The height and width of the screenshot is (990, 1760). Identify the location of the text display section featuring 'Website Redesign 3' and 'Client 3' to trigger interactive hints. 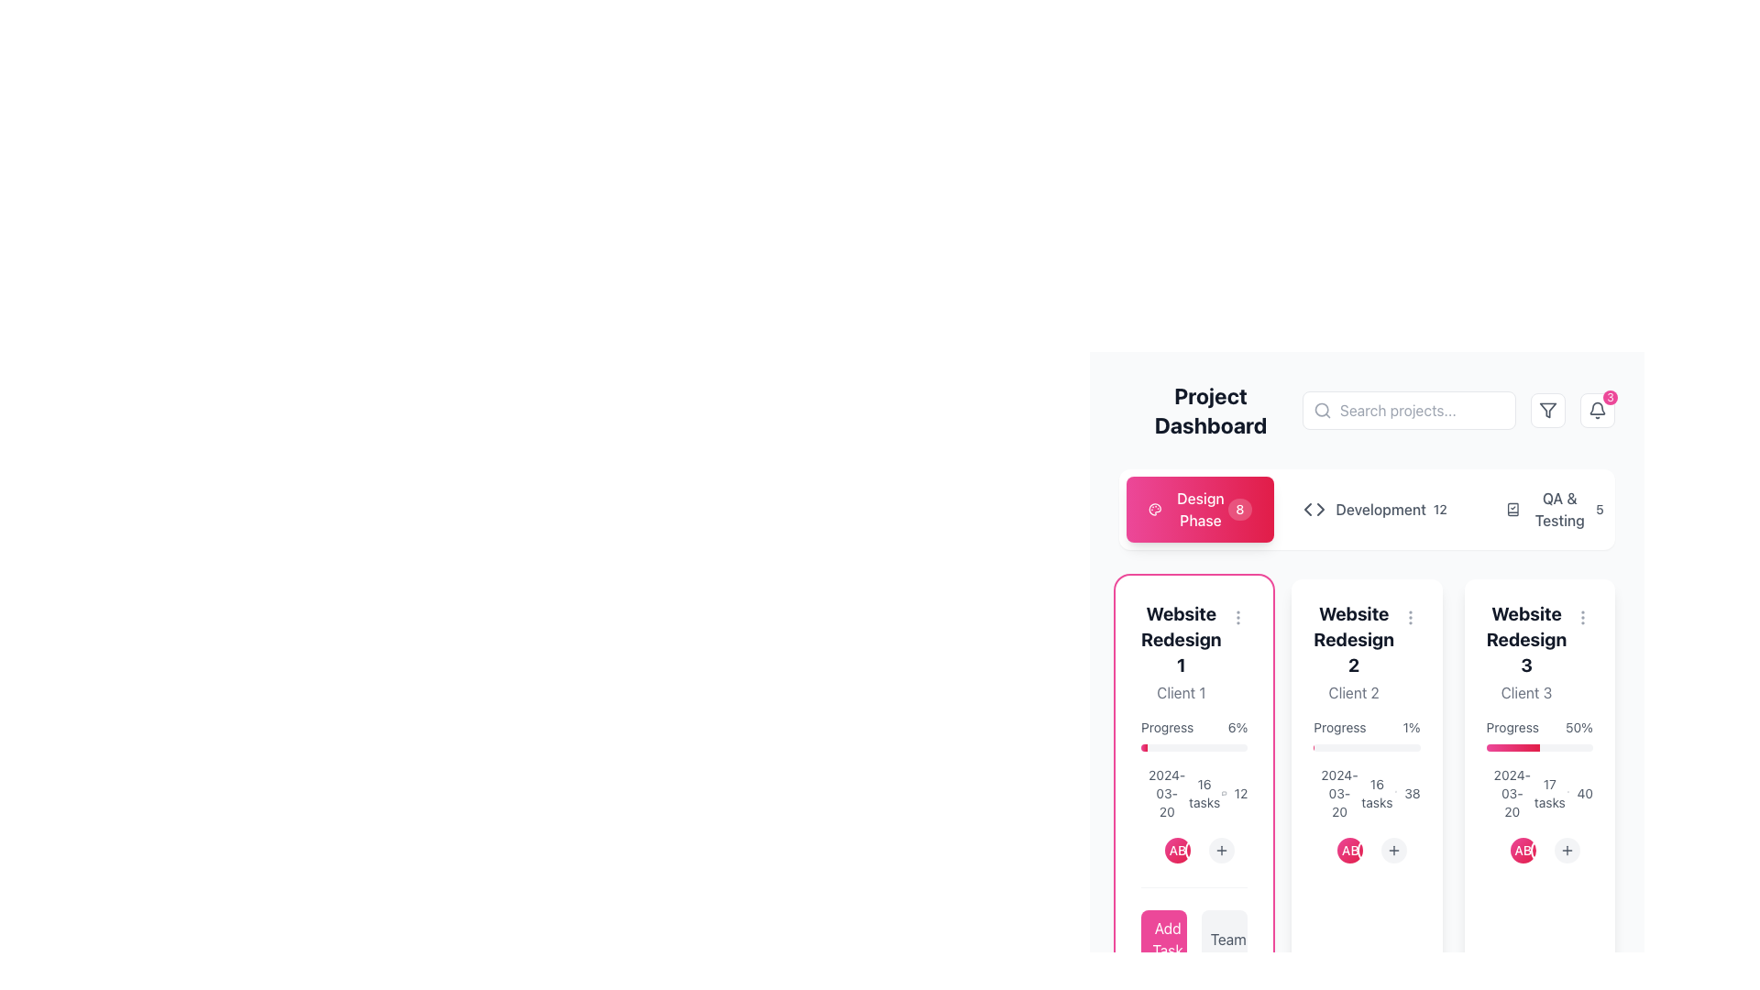
(1526, 652).